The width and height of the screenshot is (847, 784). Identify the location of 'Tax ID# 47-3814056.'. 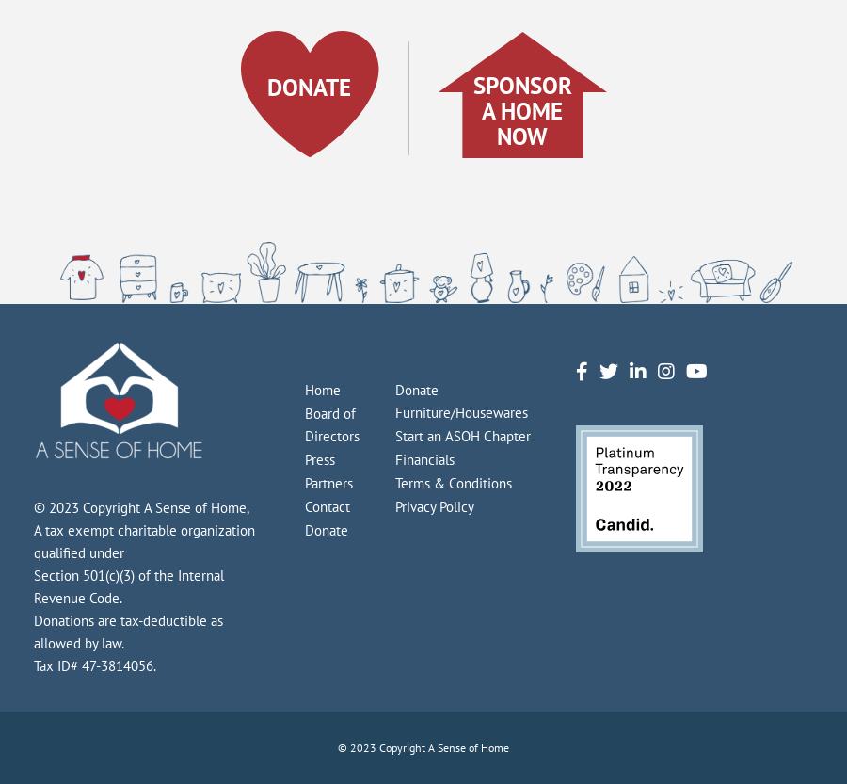
(93, 664).